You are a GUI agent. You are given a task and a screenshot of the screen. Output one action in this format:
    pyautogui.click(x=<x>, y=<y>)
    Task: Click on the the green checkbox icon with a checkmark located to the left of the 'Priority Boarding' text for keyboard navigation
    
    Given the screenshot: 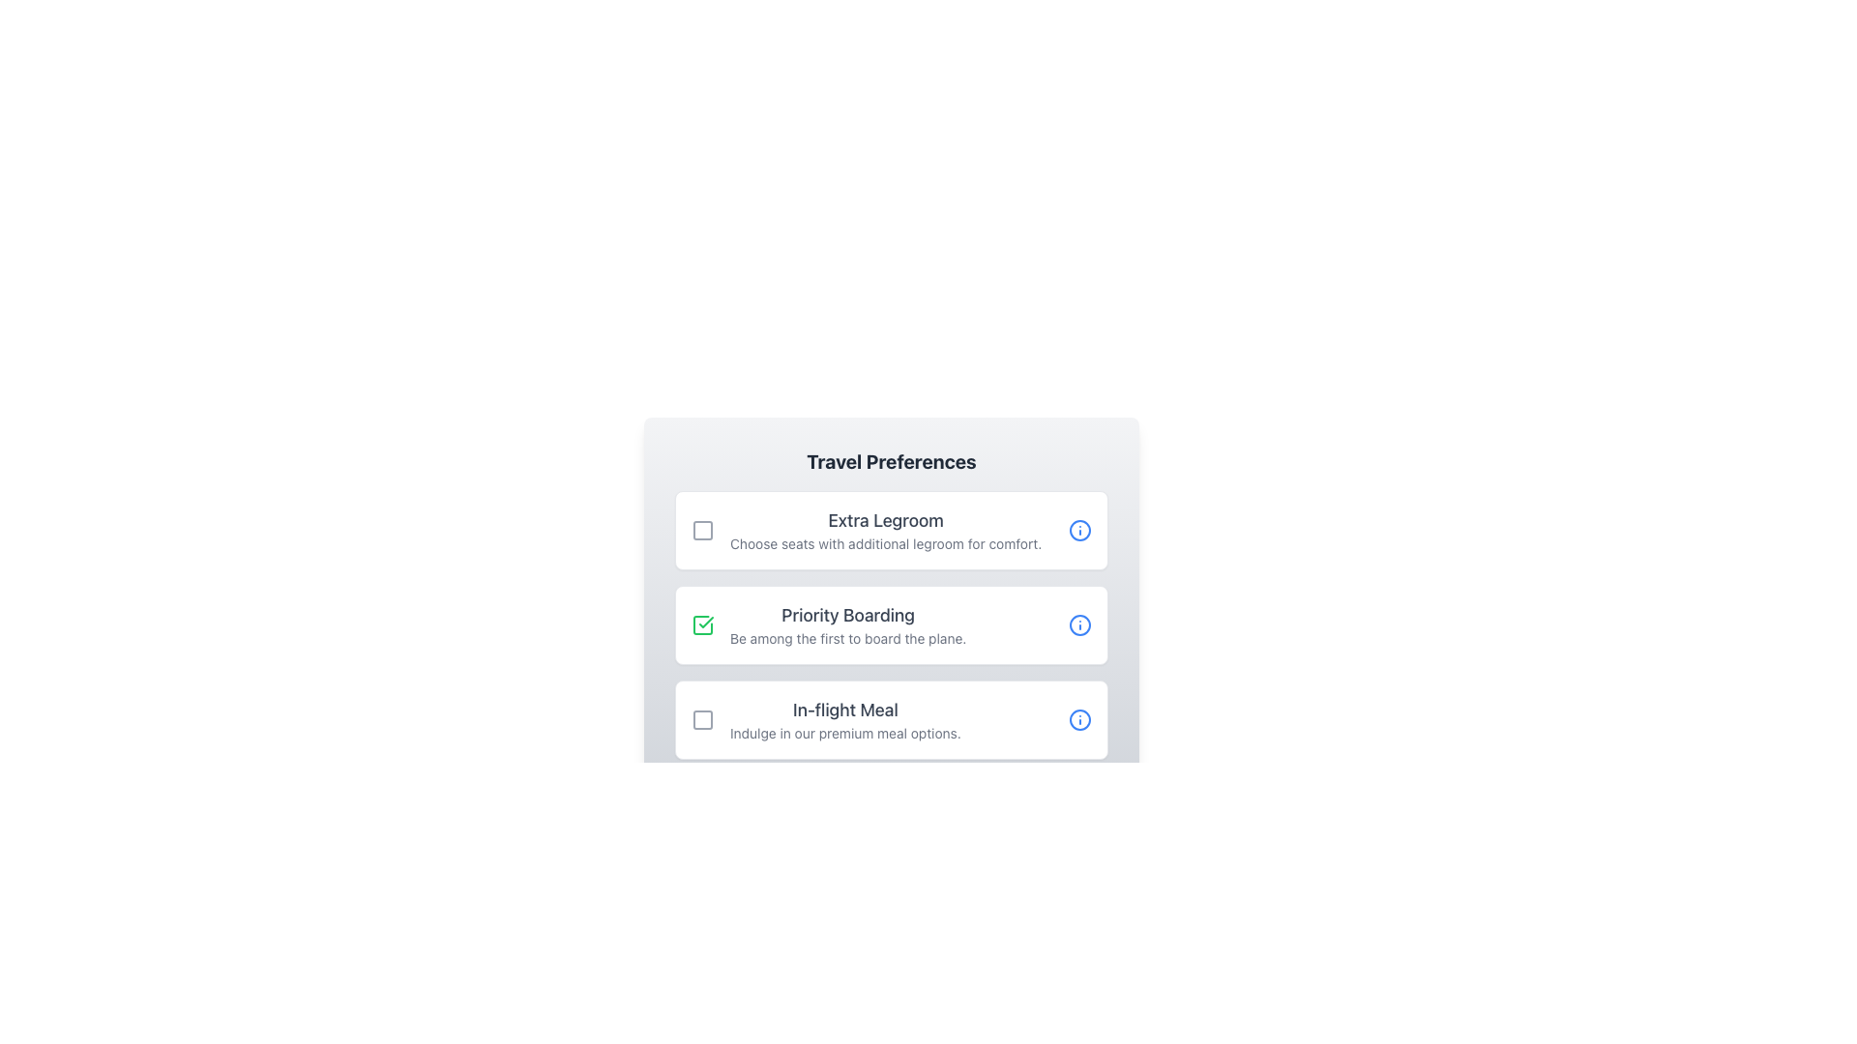 What is the action you would take?
    pyautogui.click(x=701, y=625)
    